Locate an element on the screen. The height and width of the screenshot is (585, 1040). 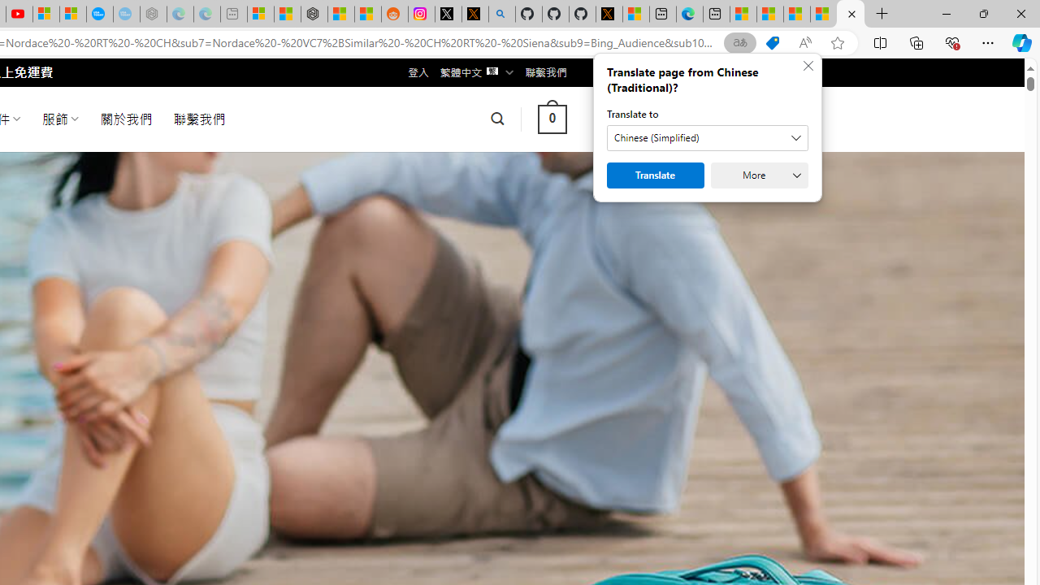
'  0  ' is located at coordinates (552, 118).